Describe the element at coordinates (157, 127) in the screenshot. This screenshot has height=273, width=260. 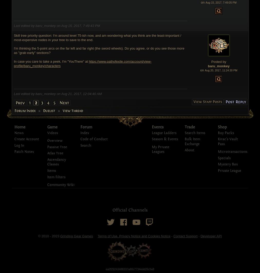
I see `'Events'` at that location.